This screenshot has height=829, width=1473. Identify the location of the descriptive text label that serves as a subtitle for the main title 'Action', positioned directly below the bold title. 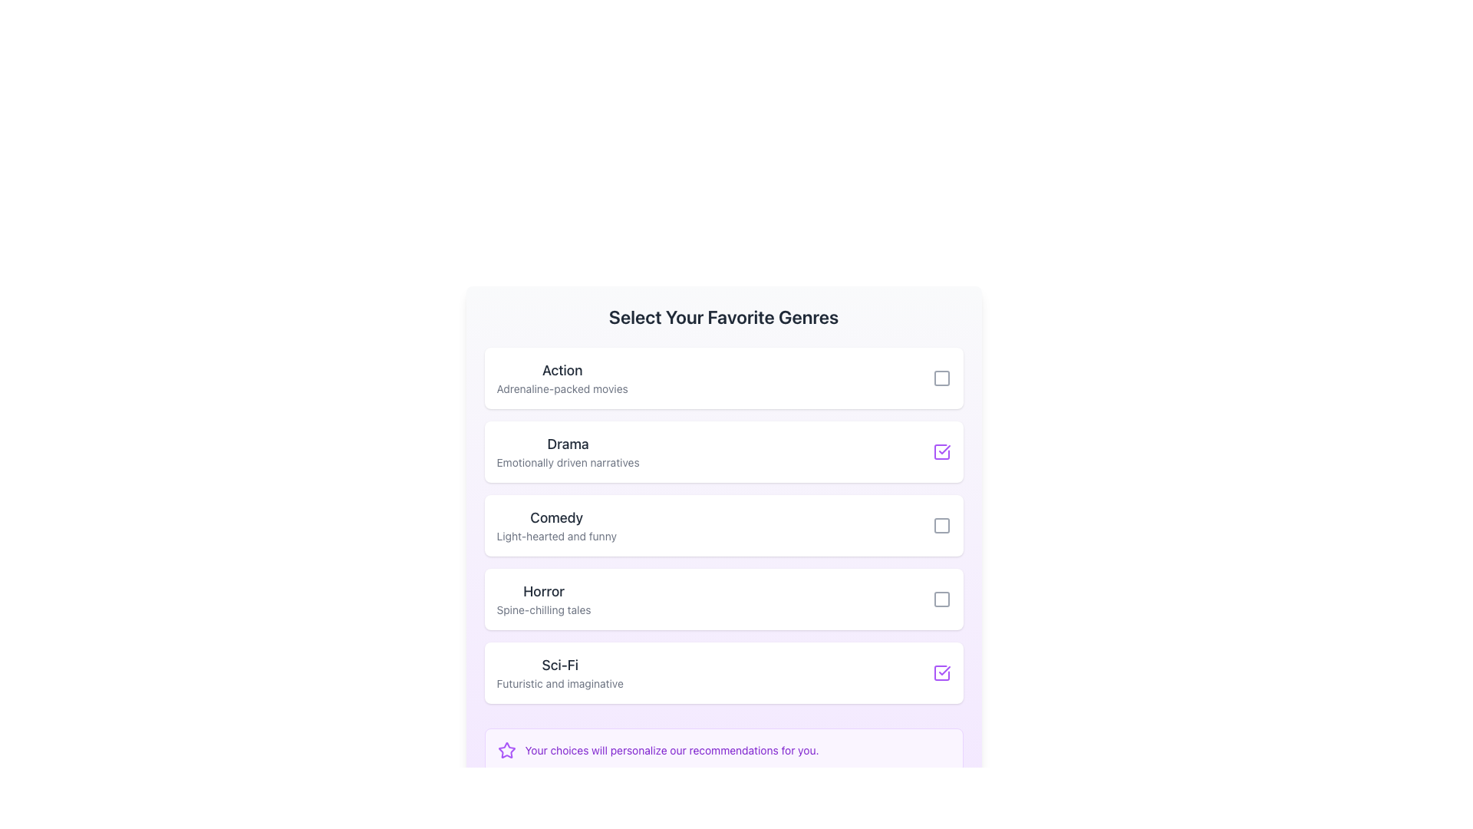
(562, 388).